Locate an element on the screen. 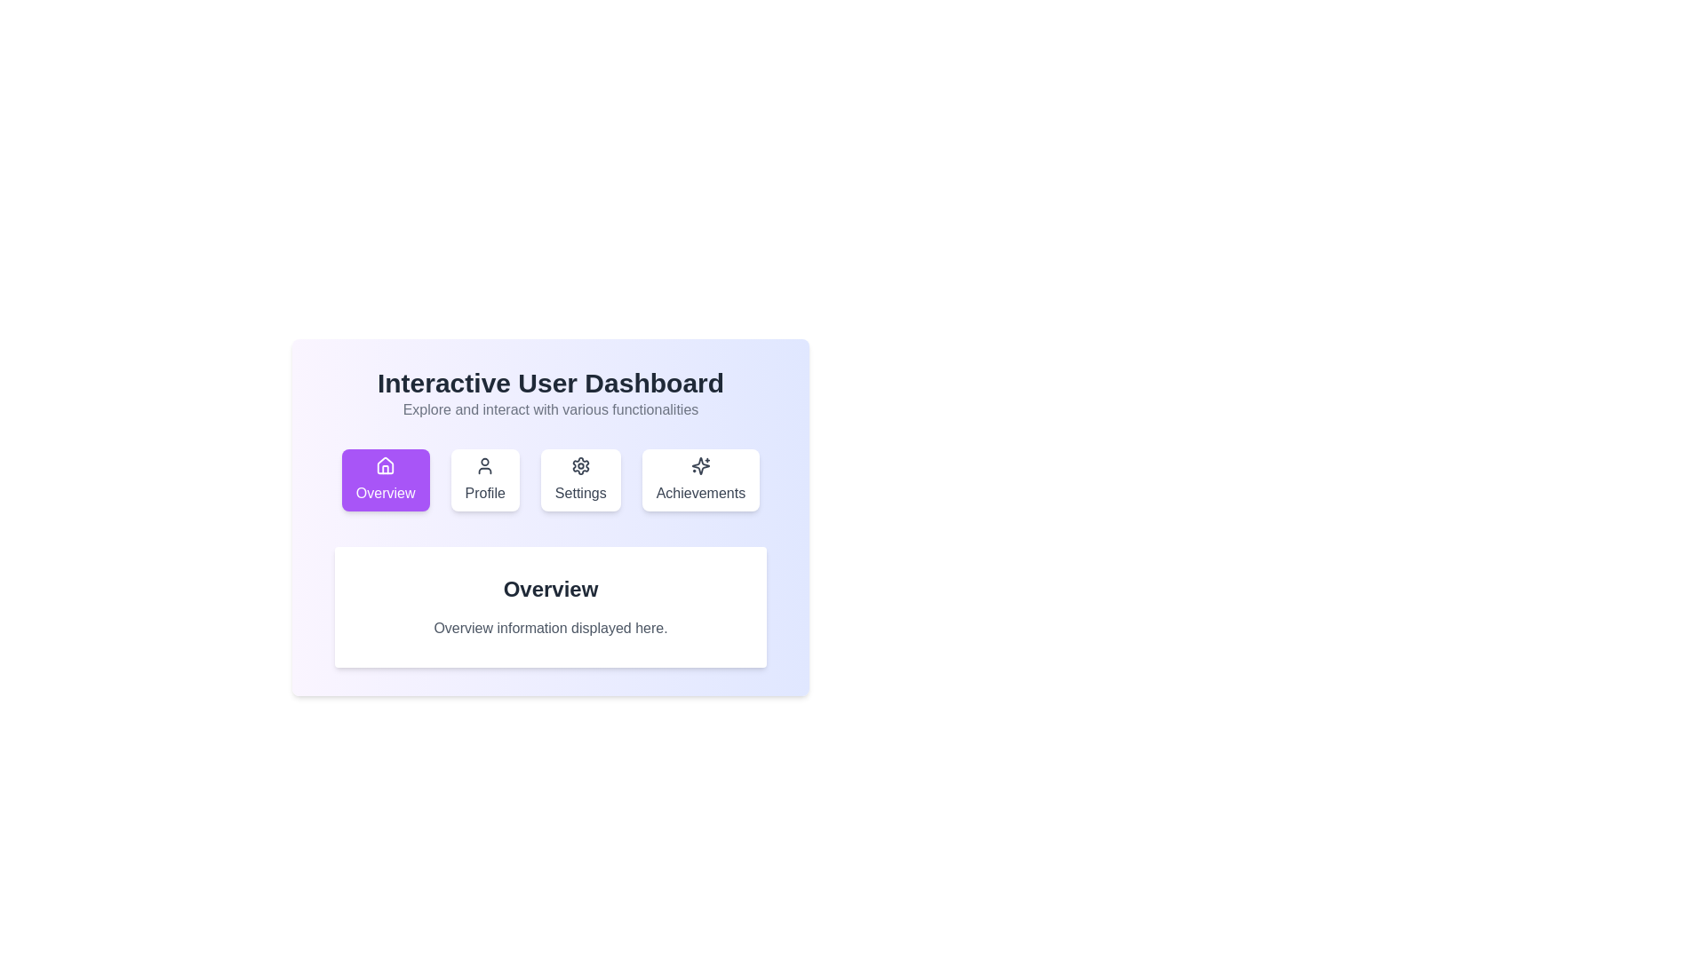 The width and height of the screenshot is (1706, 959). the 'Achievements' button, which is the fourth button in the horizontal row under the 'Interactive User Dashboard' header, to activate its visual hover effect is located at coordinates (699, 479).